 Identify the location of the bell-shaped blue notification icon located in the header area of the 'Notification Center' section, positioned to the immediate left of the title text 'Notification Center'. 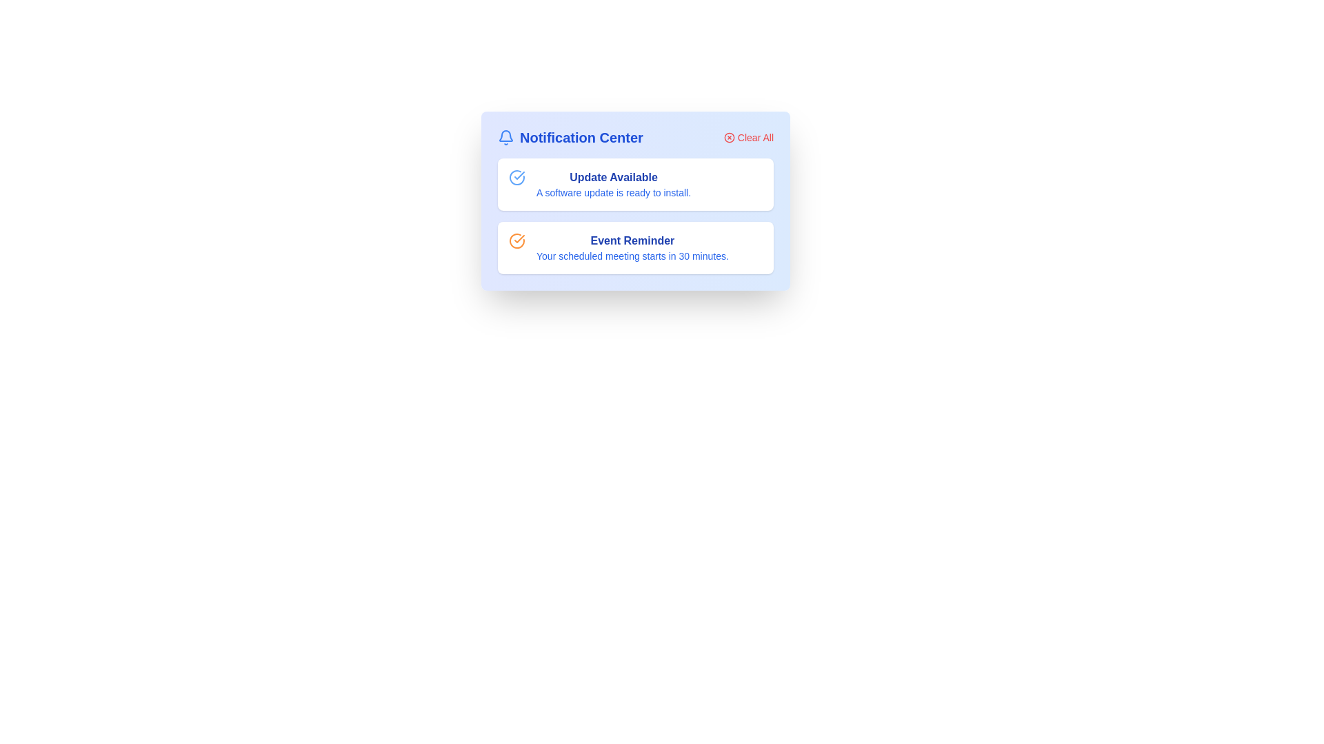
(505, 138).